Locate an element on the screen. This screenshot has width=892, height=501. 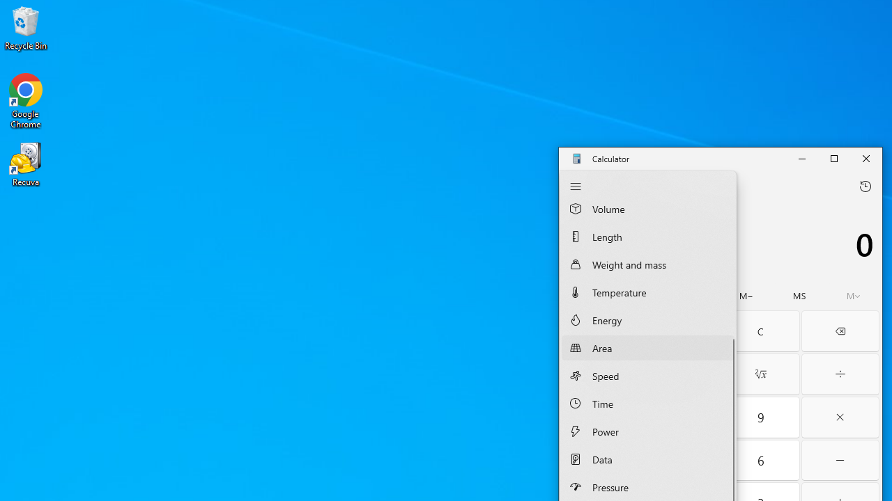
'Pressure Converter' is located at coordinates (647, 486).